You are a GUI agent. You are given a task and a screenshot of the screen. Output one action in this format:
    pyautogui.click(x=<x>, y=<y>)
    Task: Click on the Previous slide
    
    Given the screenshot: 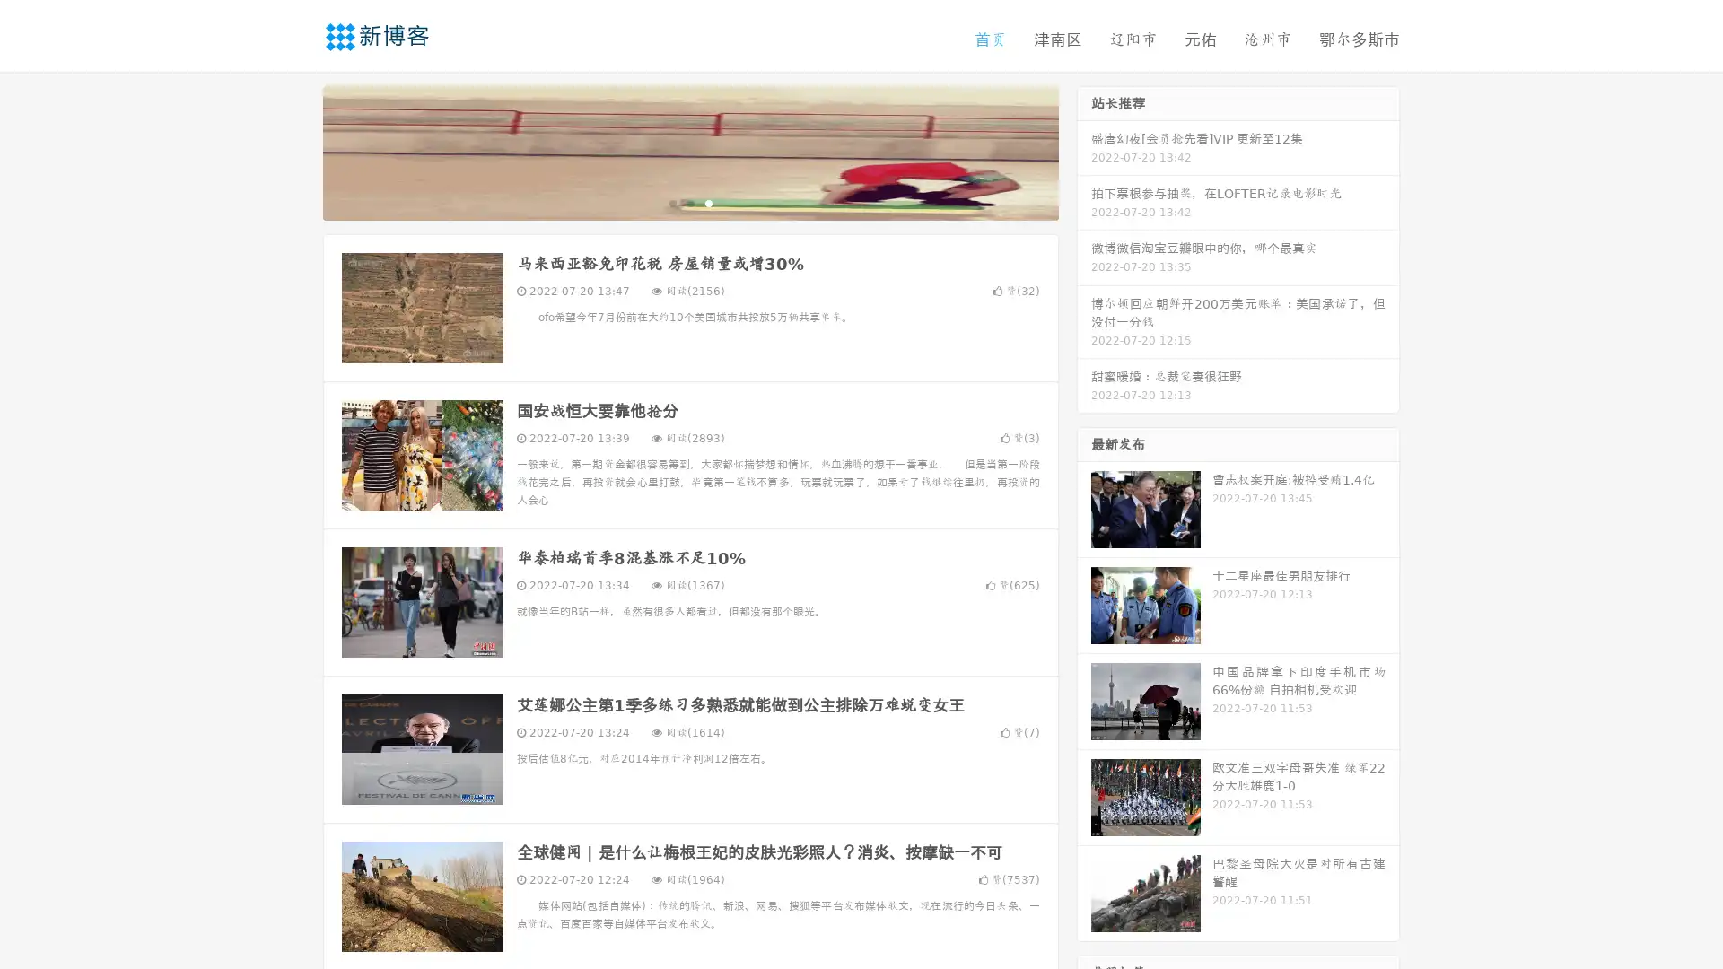 What is the action you would take?
    pyautogui.click(x=296, y=151)
    